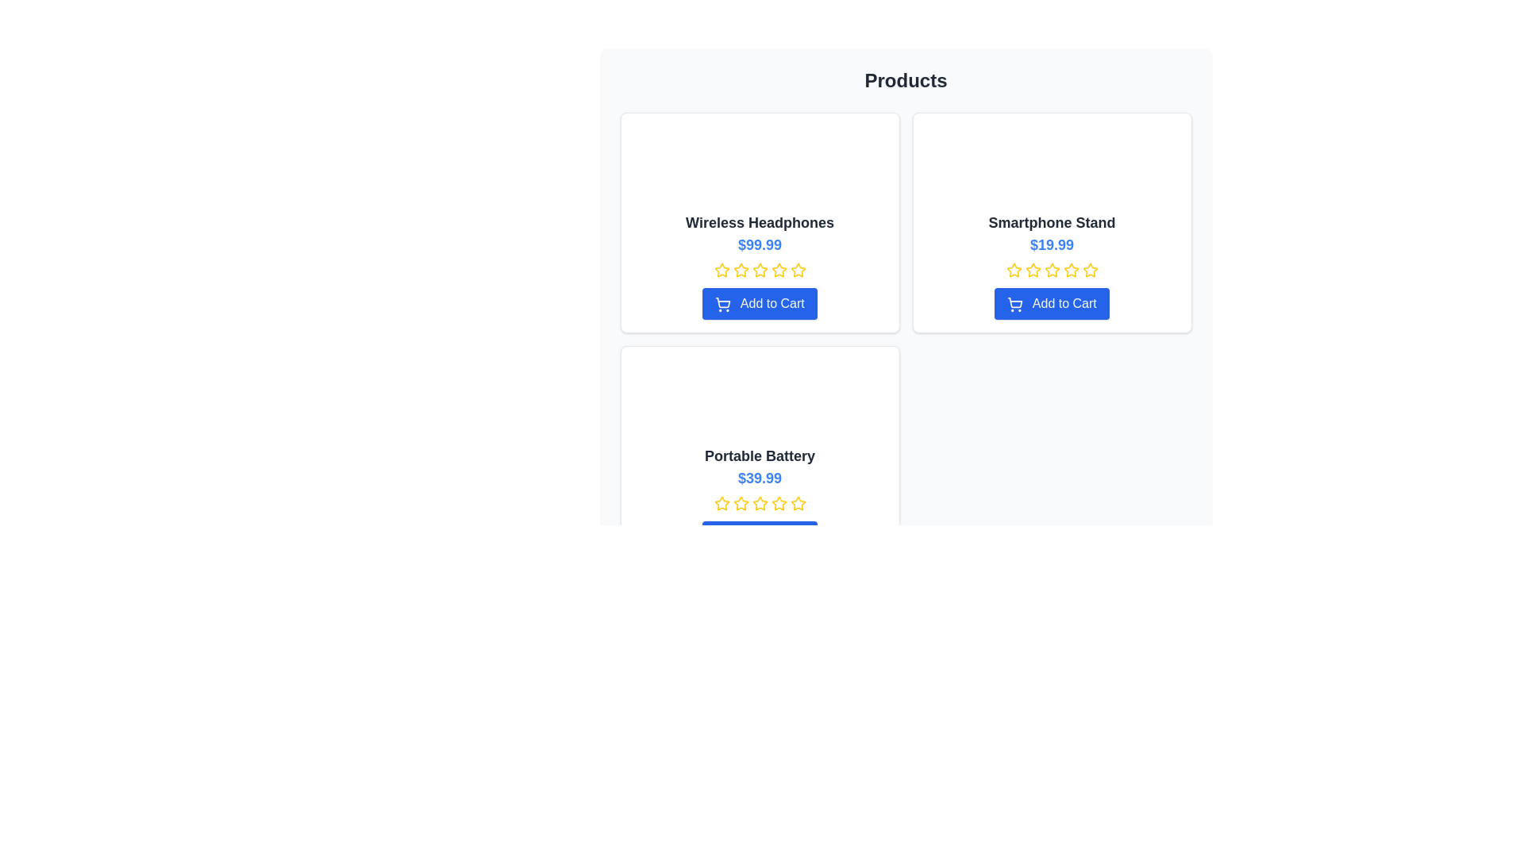 The image size is (1524, 857). Describe the element at coordinates (759, 455) in the screenshot. I see `the product title label within the product listing card, located in the bottom left grid of a 2x2 product grid, positioned beneath the image placeholder and above the price display` at that location.